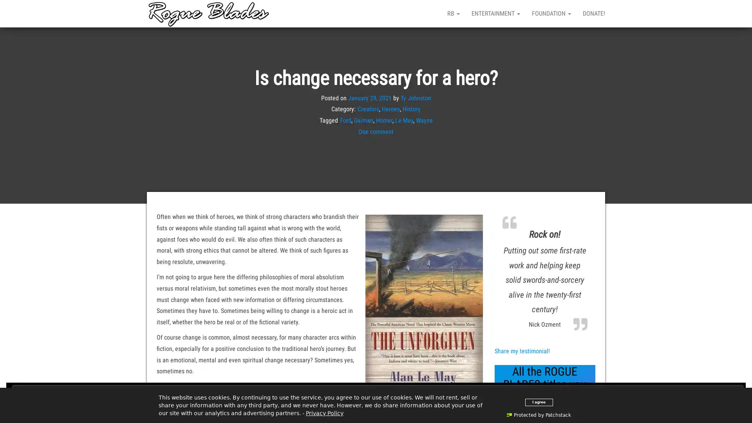 The image size is (752, 423). I want to click on Close and accept, so click(378, 392).